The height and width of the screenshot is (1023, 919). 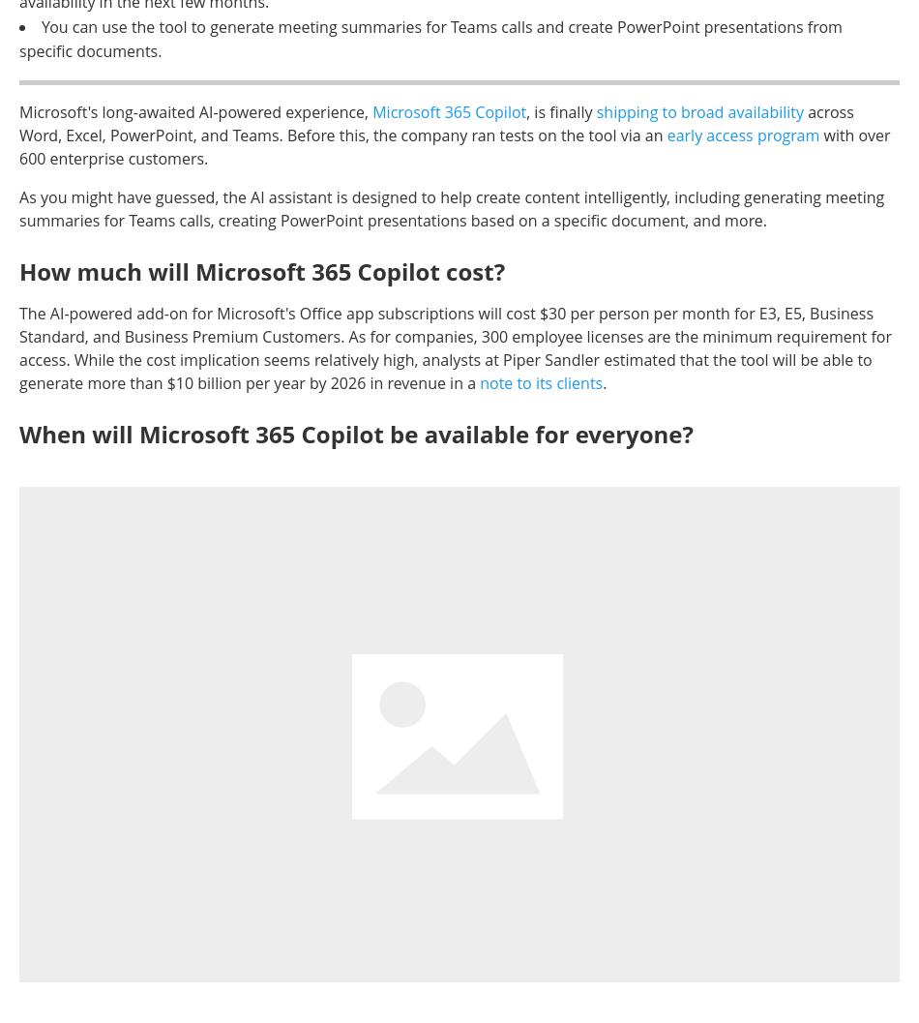 What do you see at coordinates (560, 110) in the screenshot?
I see `', is finally'` at bounding box center [560, 110].